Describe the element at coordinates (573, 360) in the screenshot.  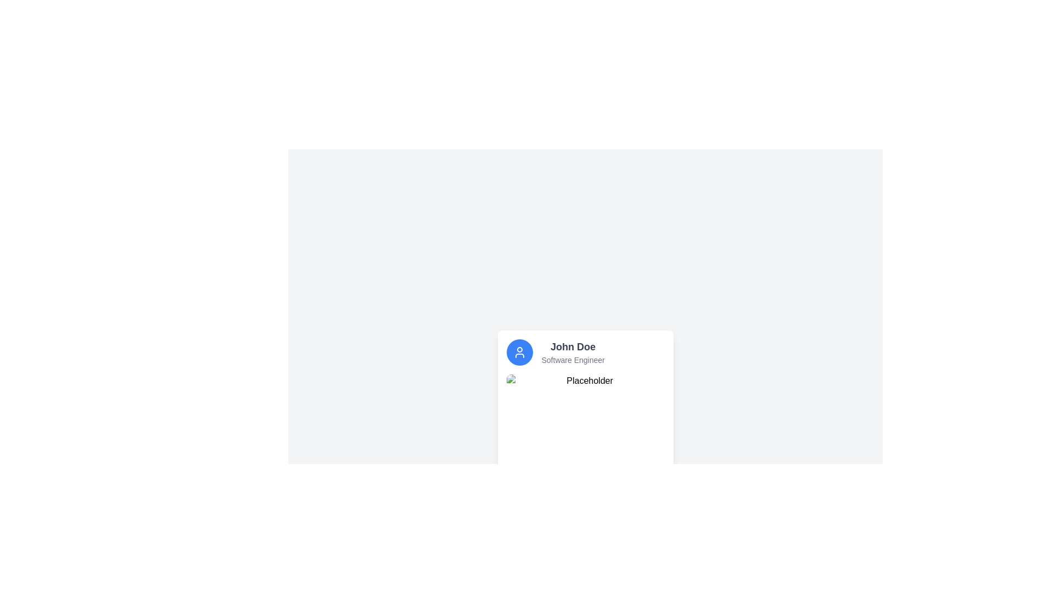
I see `the text label that reads 'Software Engineer', which is styled in small gray font and located directly below 'John Doe' within the card layout` at that location.